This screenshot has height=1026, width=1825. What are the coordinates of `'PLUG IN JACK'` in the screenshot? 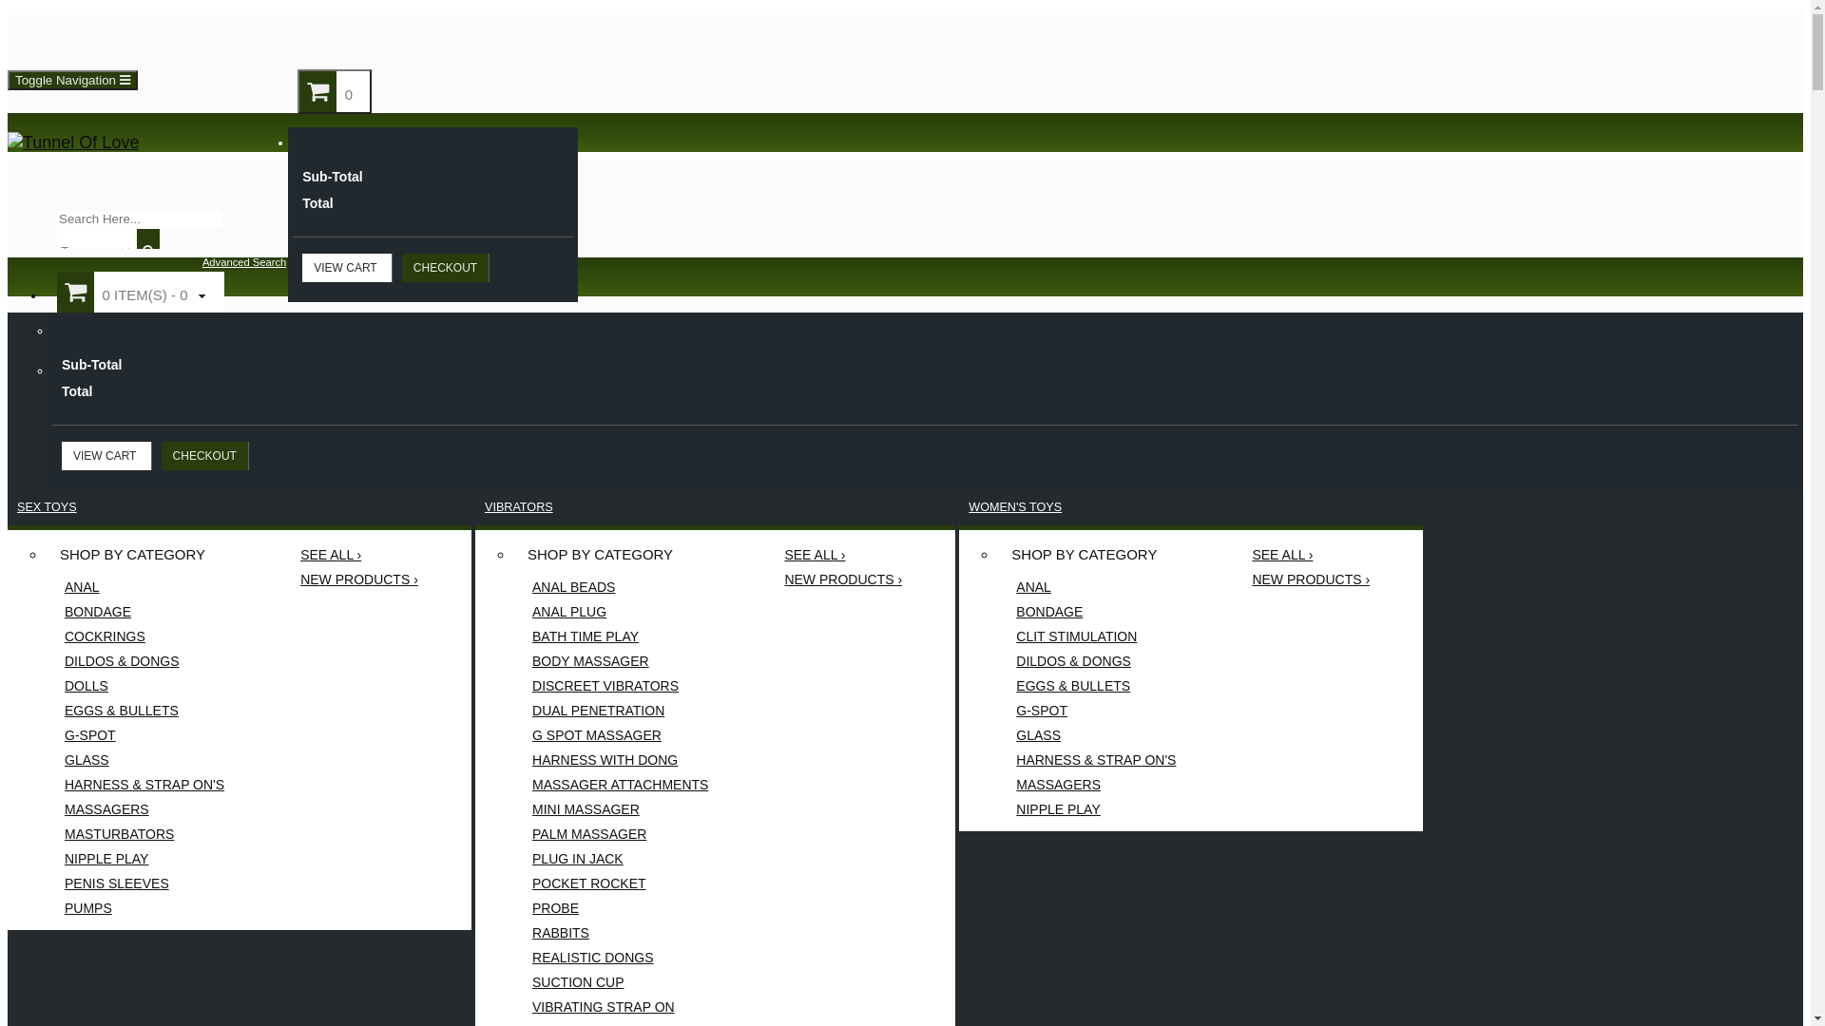 It's located at (620, 858).